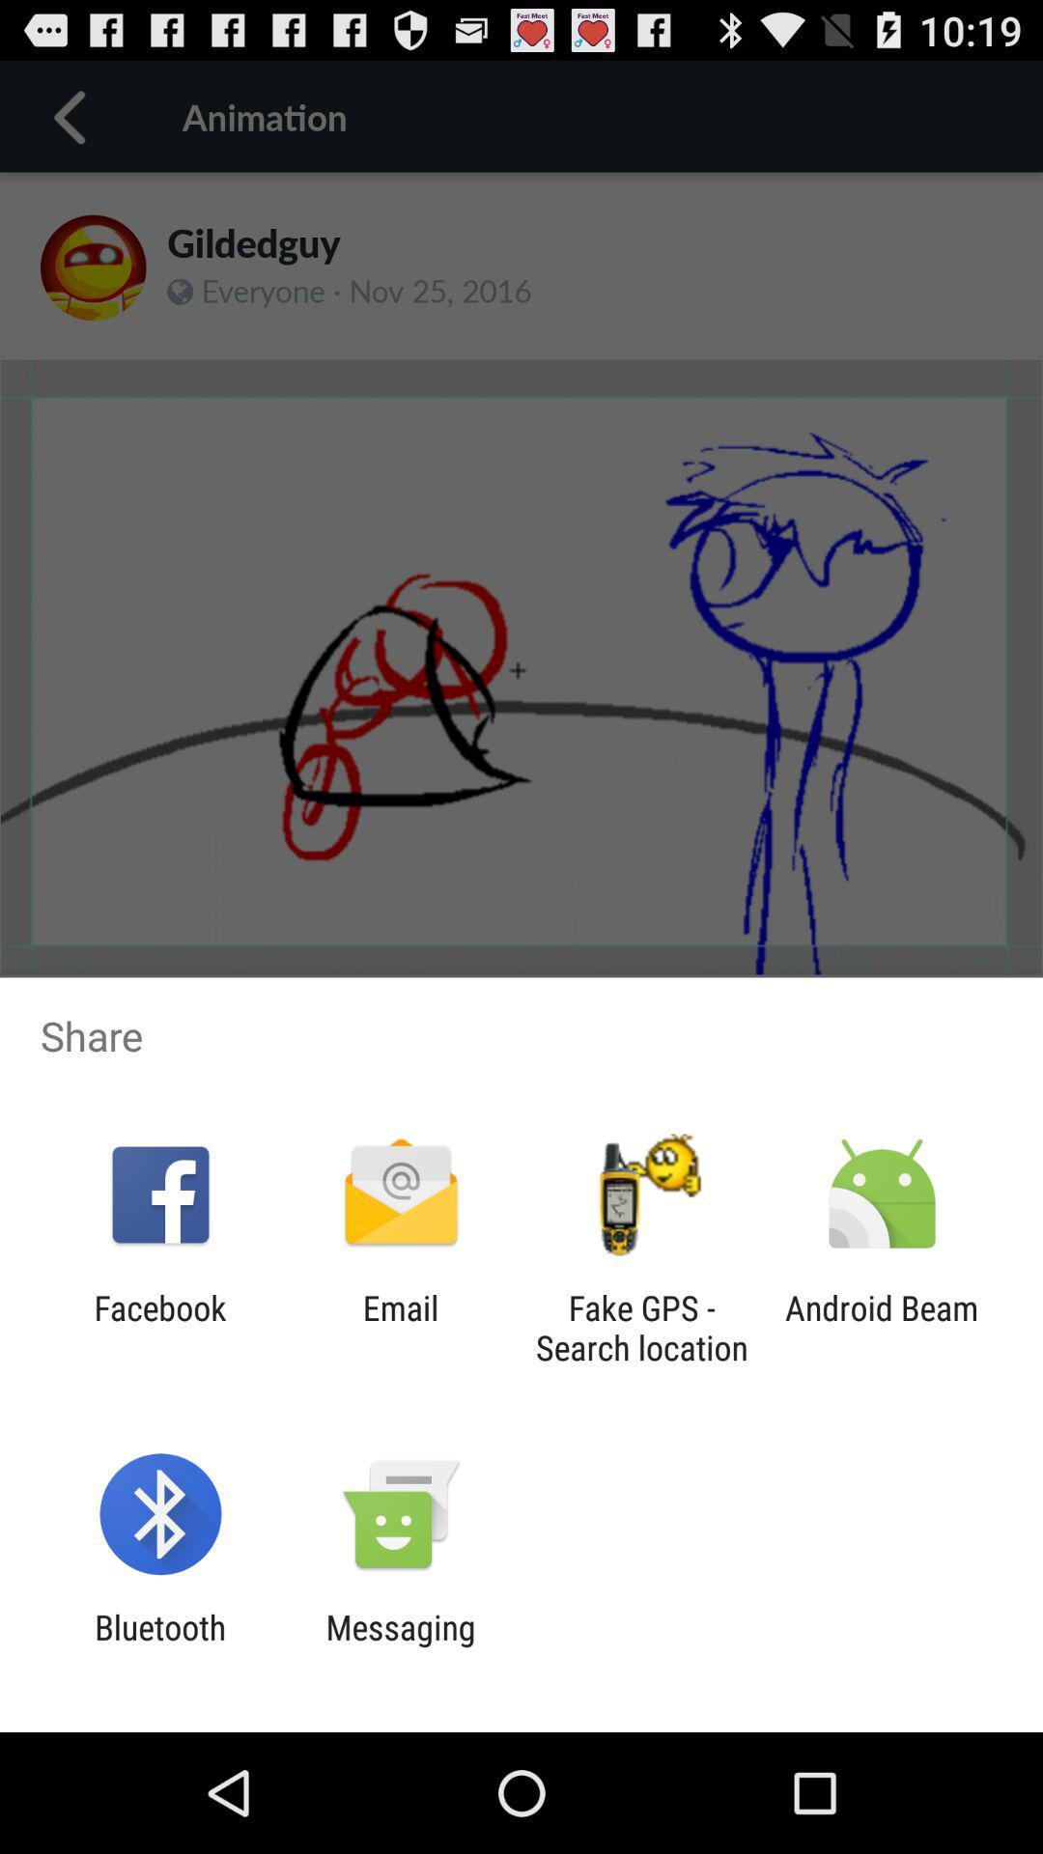  What do you see at coordinates (159, 1327) in the screenshot?
I see `icon to the left of the email` at bounding box center [159, 1327].